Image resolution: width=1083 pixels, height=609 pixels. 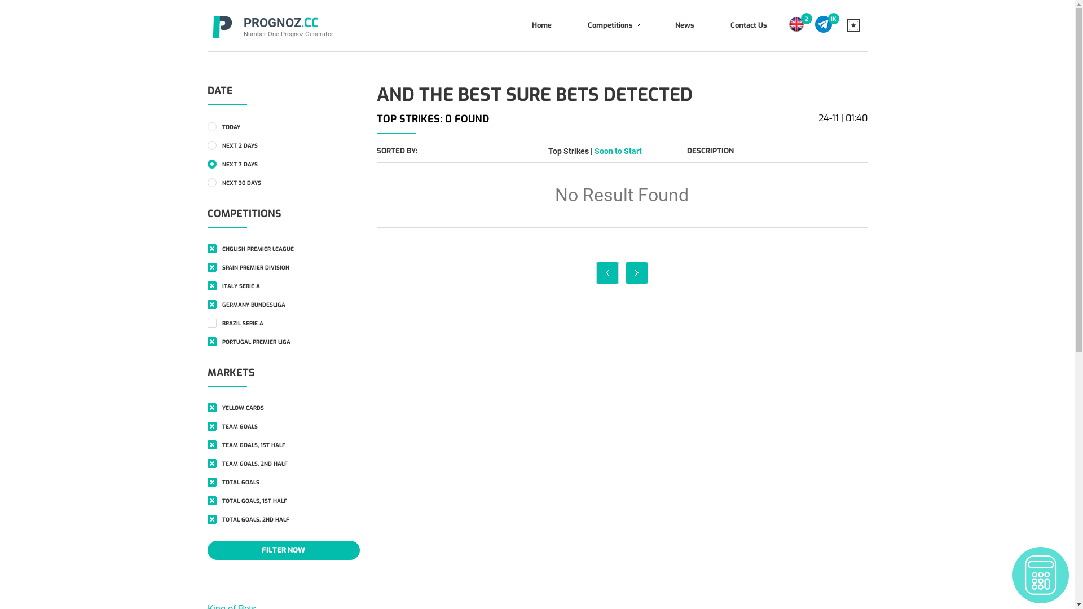 I want to click on 'TODAY', so click(x=208, y=126).